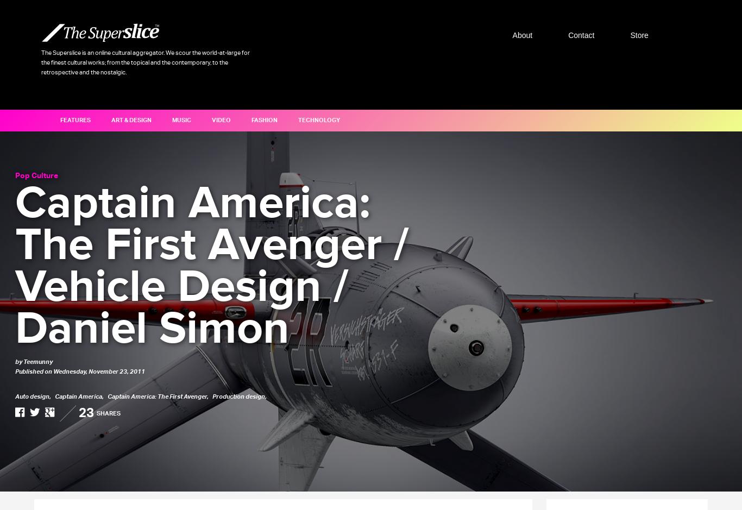 The height and width of the screenshot is (510, 742). I want to click on 'Contact', so click(580, 34).